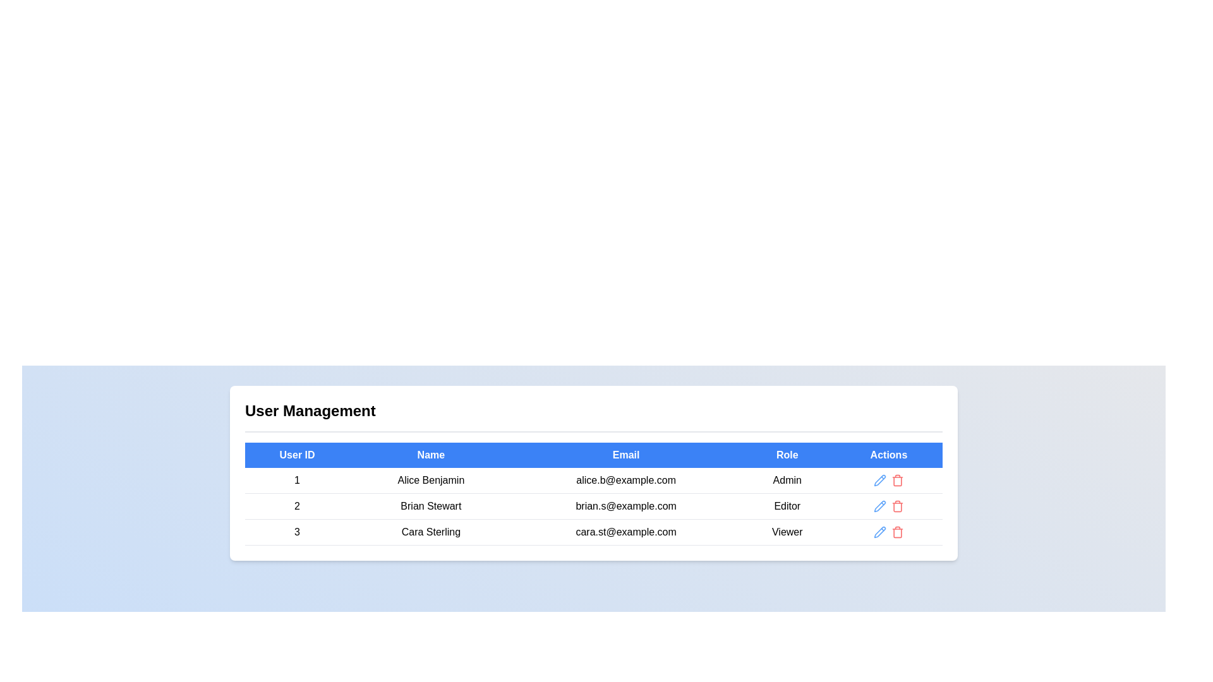  I want to click on the text element displaying 'Alice Benjamin' in the User Management section, located in the second column of the first row of the table, so click(431, 481).